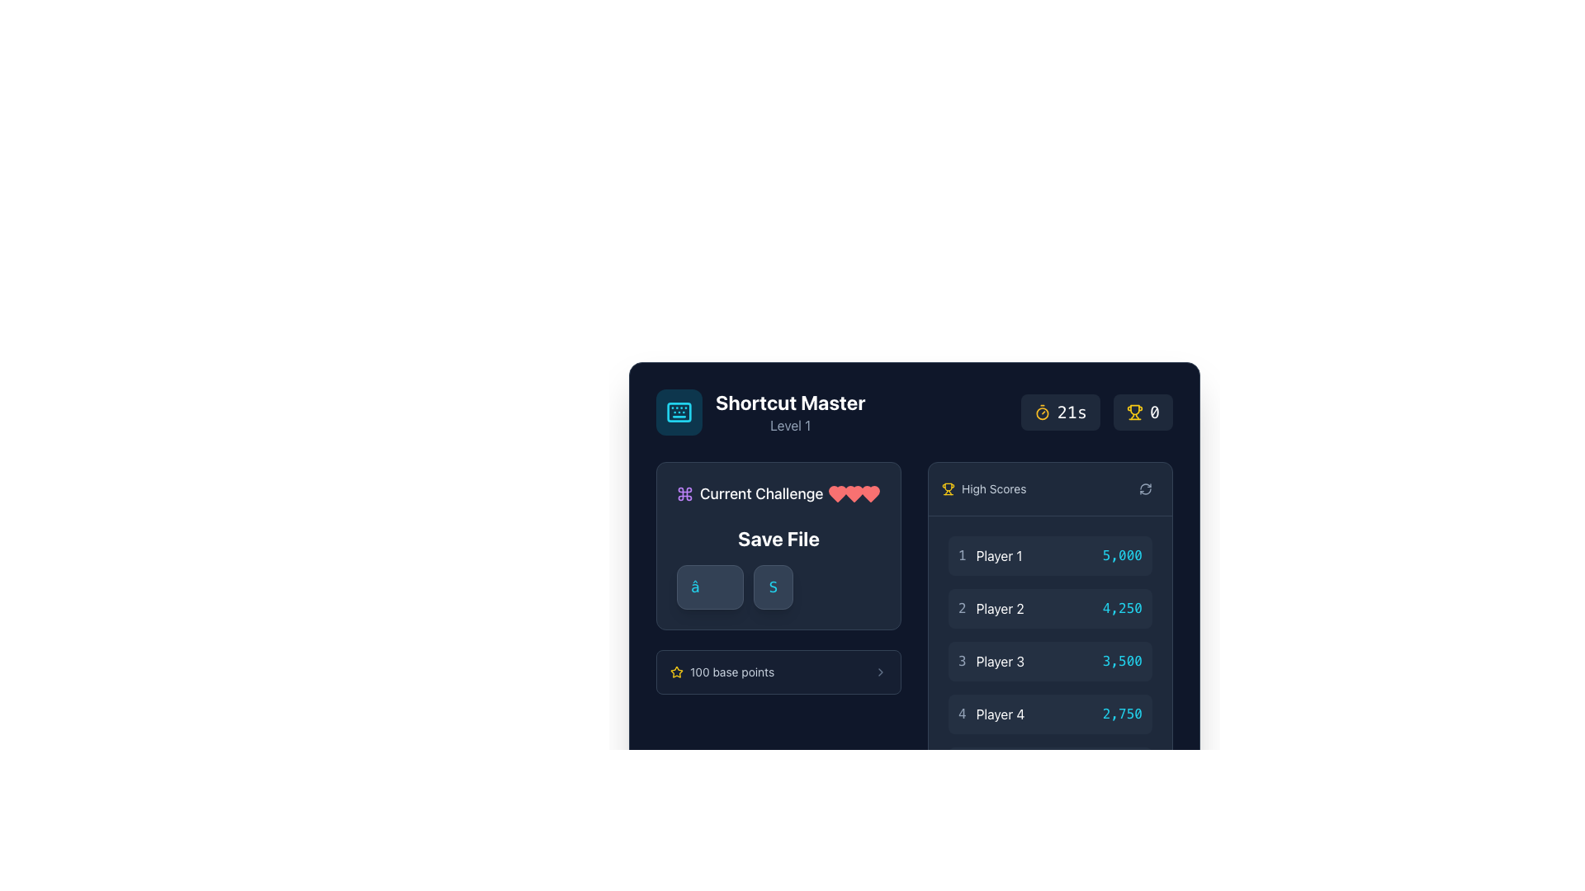  Describe the element at coordinates (999, 608) in the screenshot. I see `the second player's name in the high scores list, which appears right after 'Player 1' and before 'Player 3'` at that location.